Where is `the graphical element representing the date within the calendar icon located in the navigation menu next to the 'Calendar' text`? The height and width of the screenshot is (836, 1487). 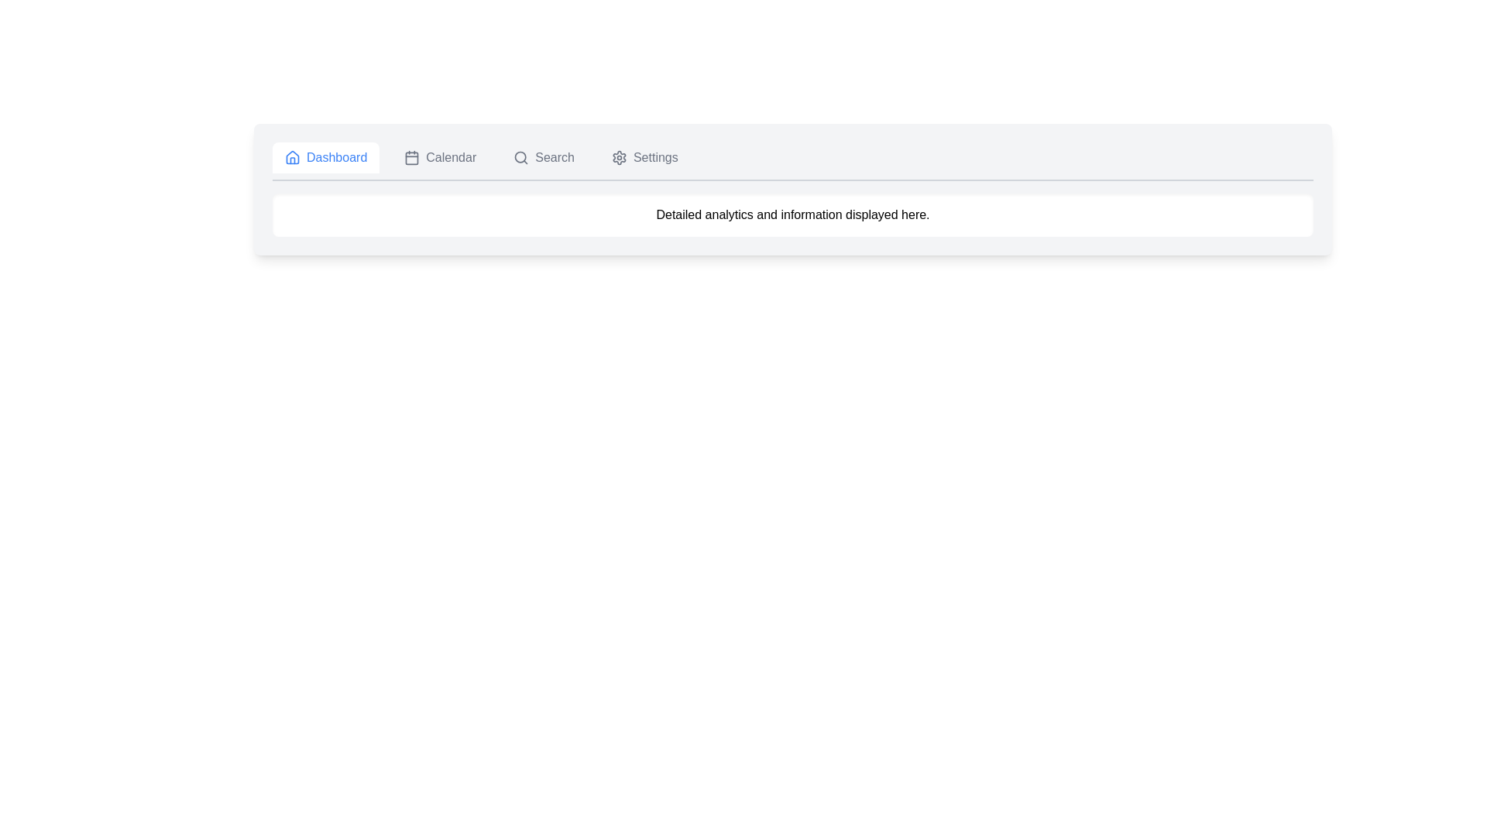 the graphical element representing the date within the calendar icon located in the navigation menu next to the 'Calendar' text is located at coordinates (412, 158).